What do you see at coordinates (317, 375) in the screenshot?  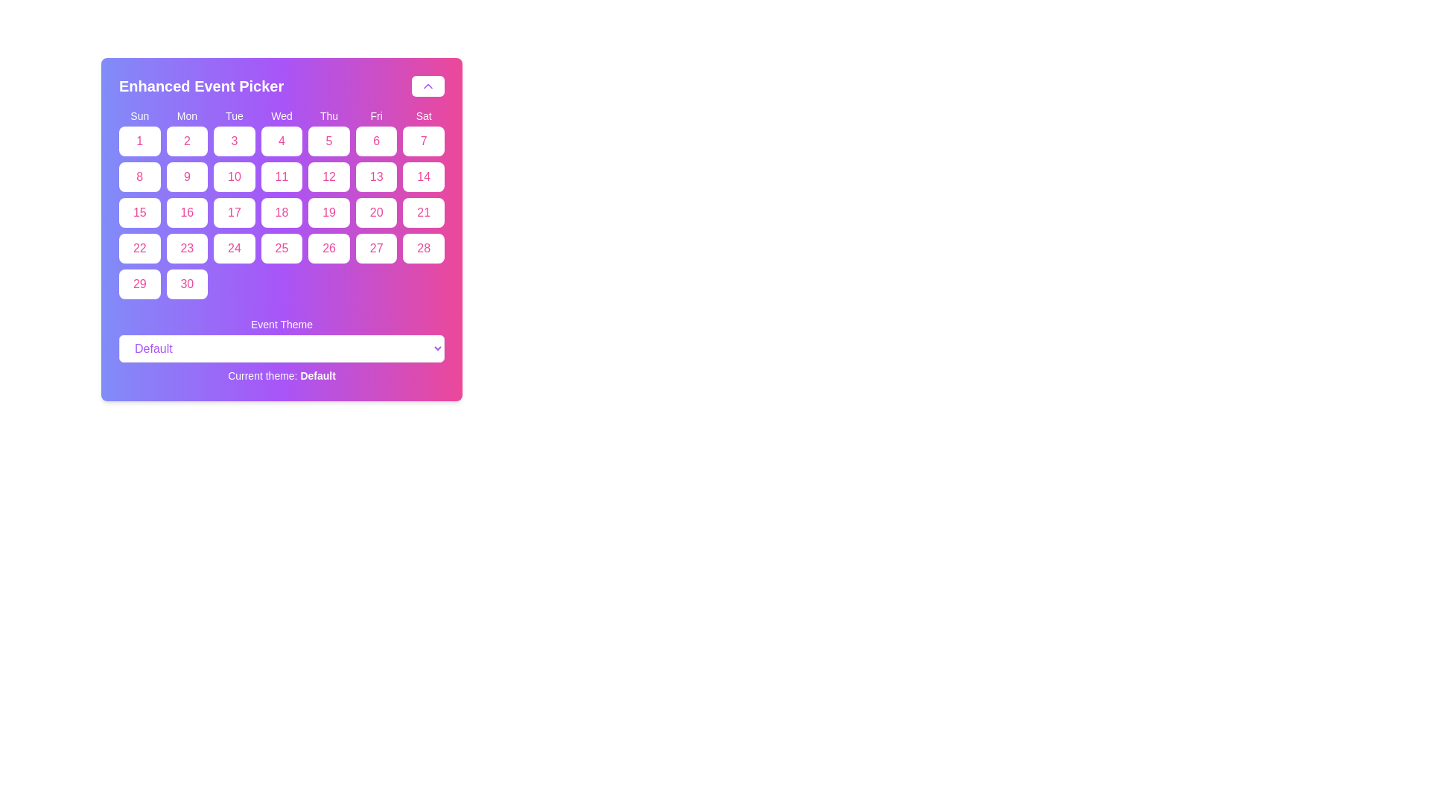 I see `the text label displaying 'Default', which is part of the line 'Current theme: Default', located at the bottom of the interface` at bounding box center [317, 375].